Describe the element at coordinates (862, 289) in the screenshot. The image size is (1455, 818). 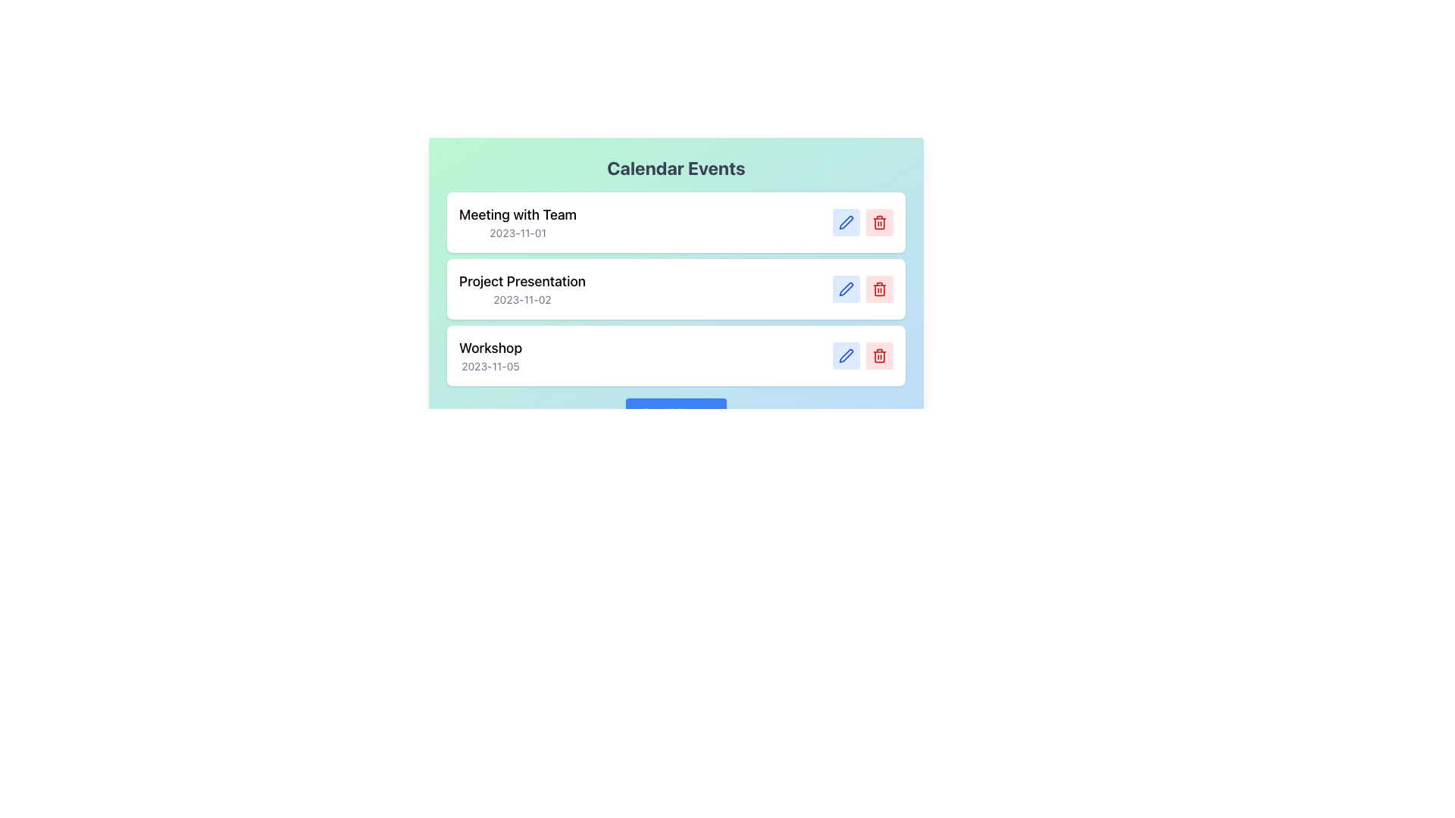
I see `the composite button group containing the blue 'edit' button and the red 'delete' button` at that location.